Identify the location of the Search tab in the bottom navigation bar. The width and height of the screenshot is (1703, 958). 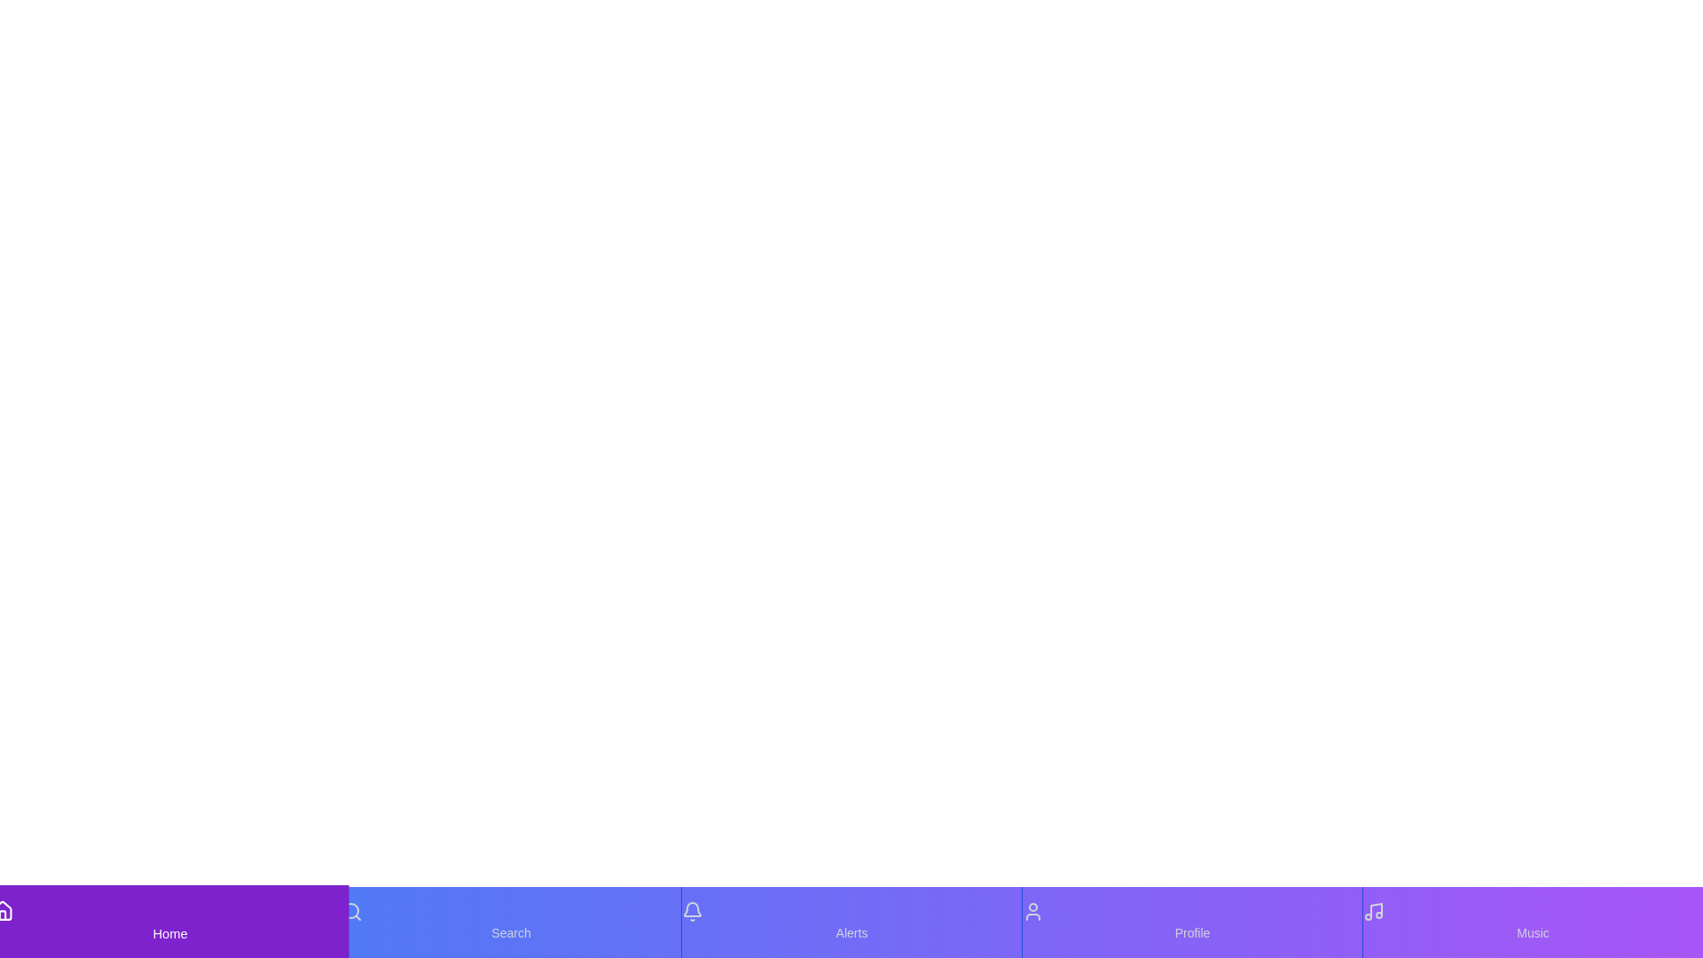
(510, 922).